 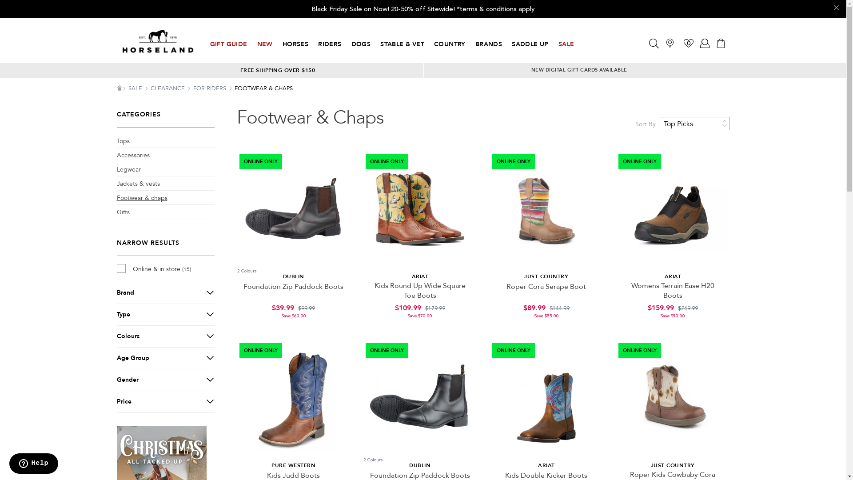 I want to click on '$109.99 $179.99, so click(x=419, y=310).